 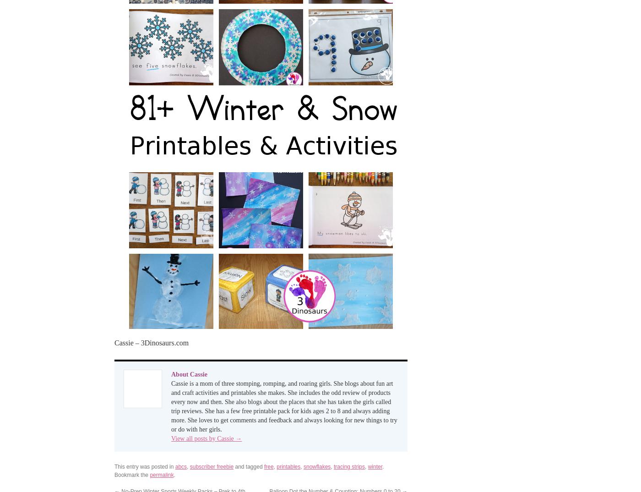 What do you see at coordinates (284, 405) in the screenshot?
I see `'Cassie is a mom of three stomping, romping, and roaring girls. She blogs about fun art and craft activities and printables she makes. She includes the odd review of products every now and then. She also blogs about the places that she has taken the girls called trip reviews. She has a few free printable pack for kids ages 2 to 8 and always adding more. She loves to get comments and feedback and always looking for new things to try or do with her girls.'` at bounding box center [284, 405].